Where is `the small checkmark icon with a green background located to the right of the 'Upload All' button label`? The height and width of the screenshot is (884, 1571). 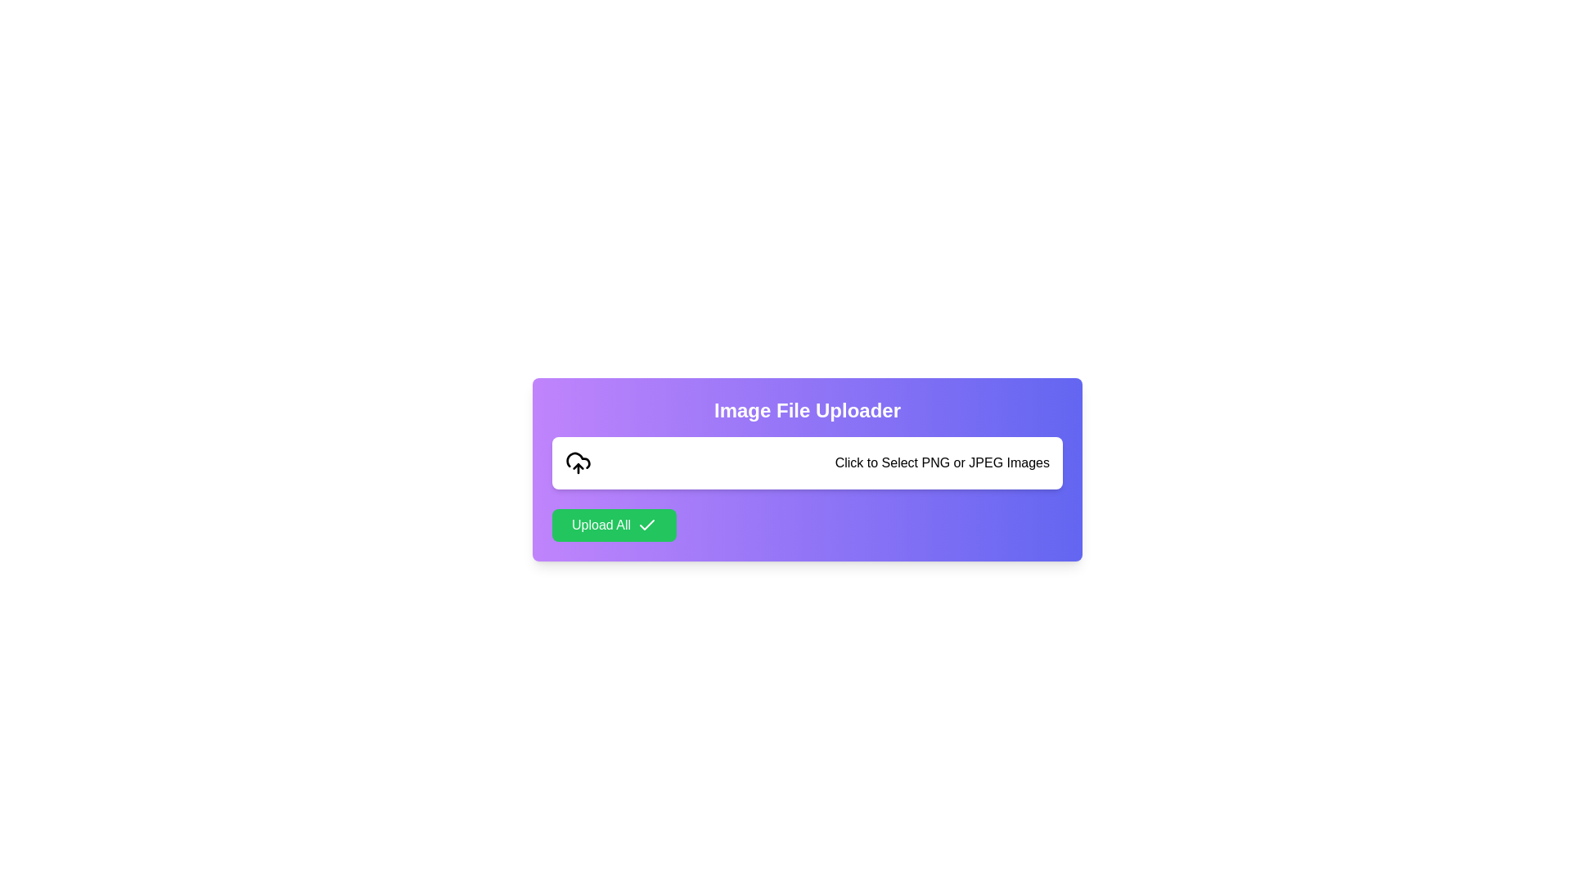
the small checkmark icon with a green background located to the right of the 'Upload All' button label is located at coordinates (646, 525).